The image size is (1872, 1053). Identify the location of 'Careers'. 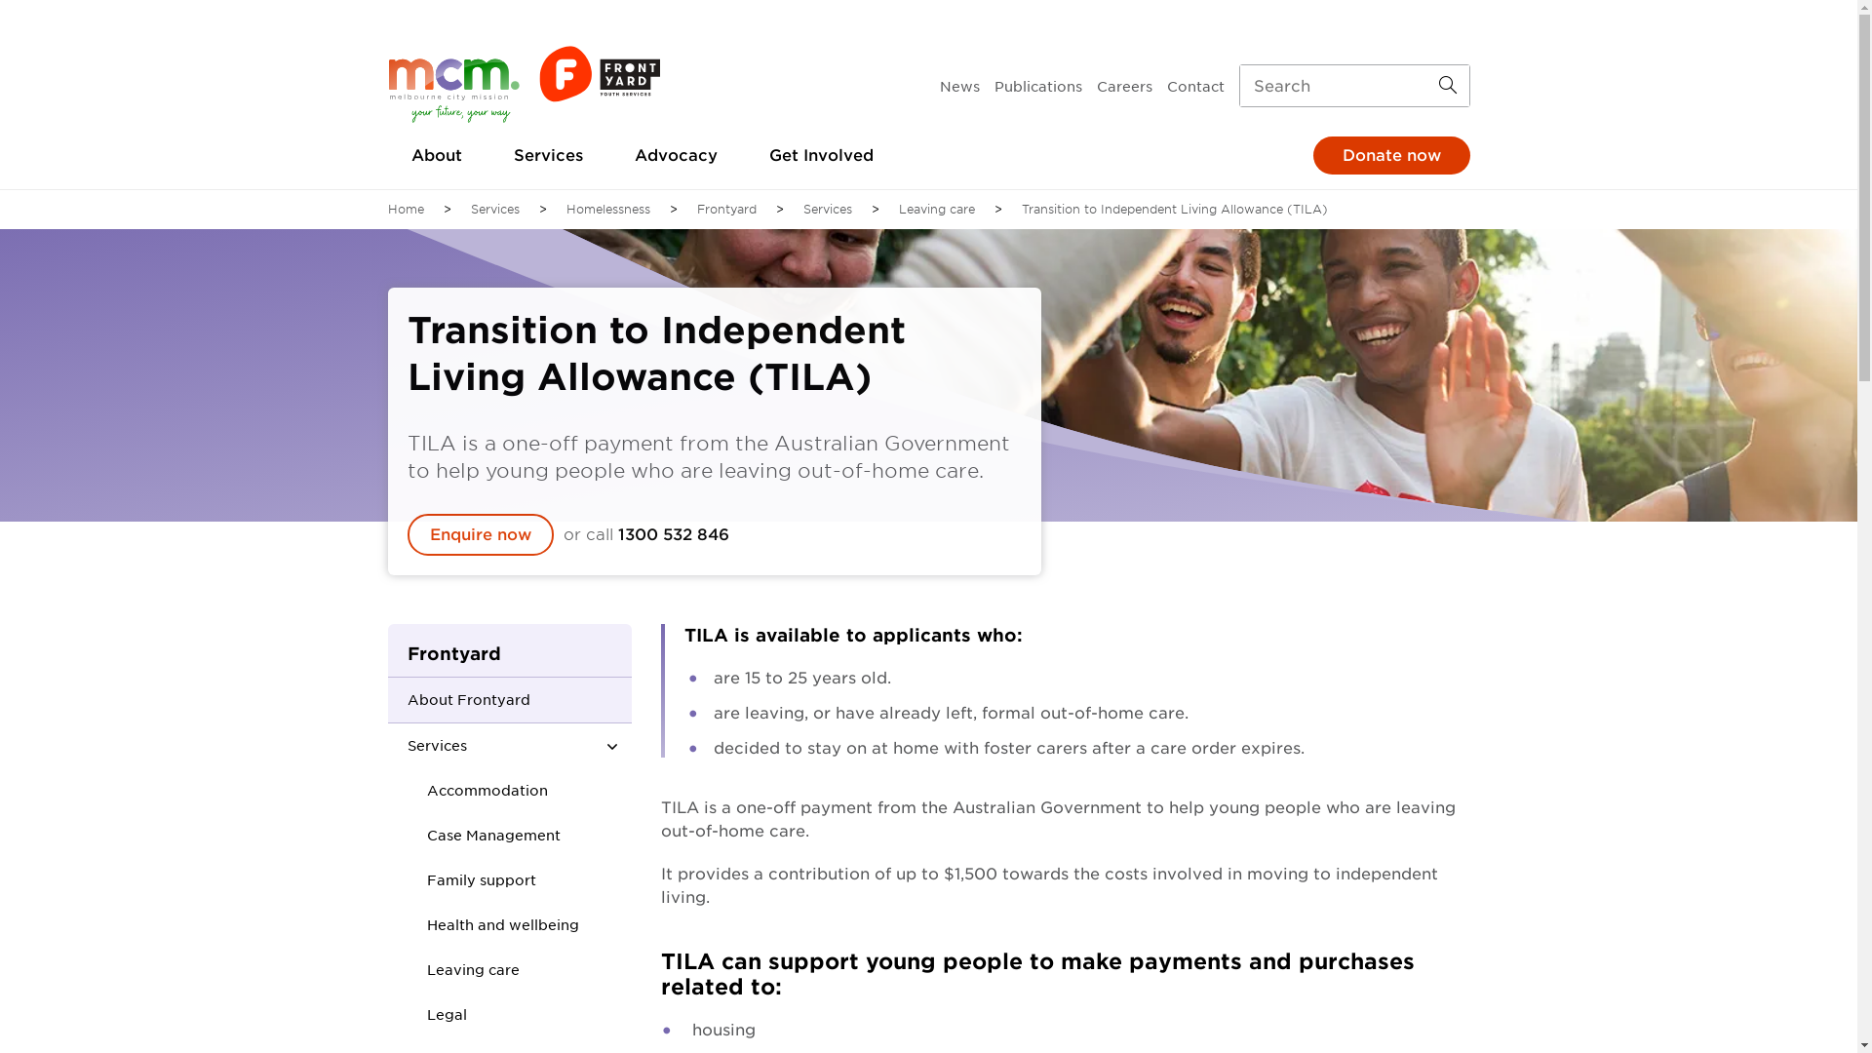
(1123, 85).